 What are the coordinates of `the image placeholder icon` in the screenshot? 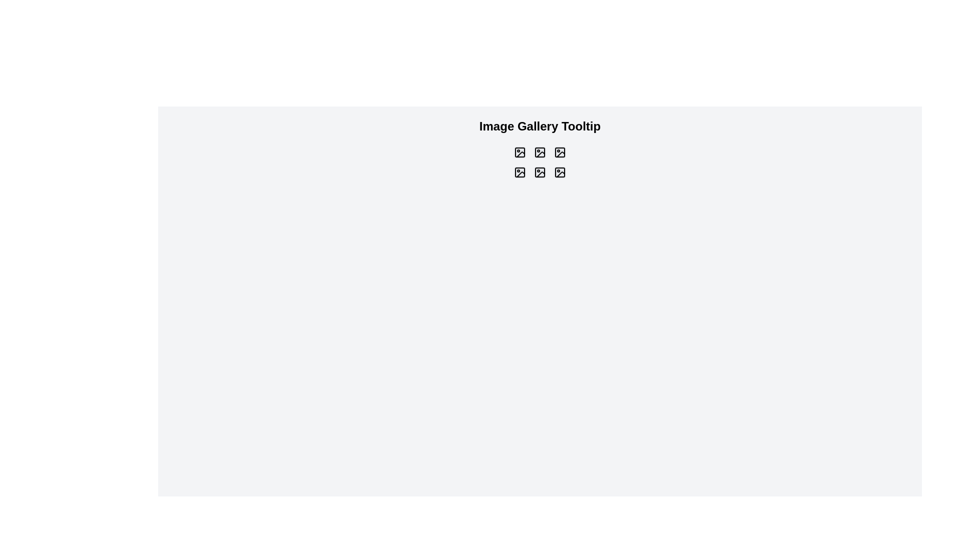 It's located at (540, 152).